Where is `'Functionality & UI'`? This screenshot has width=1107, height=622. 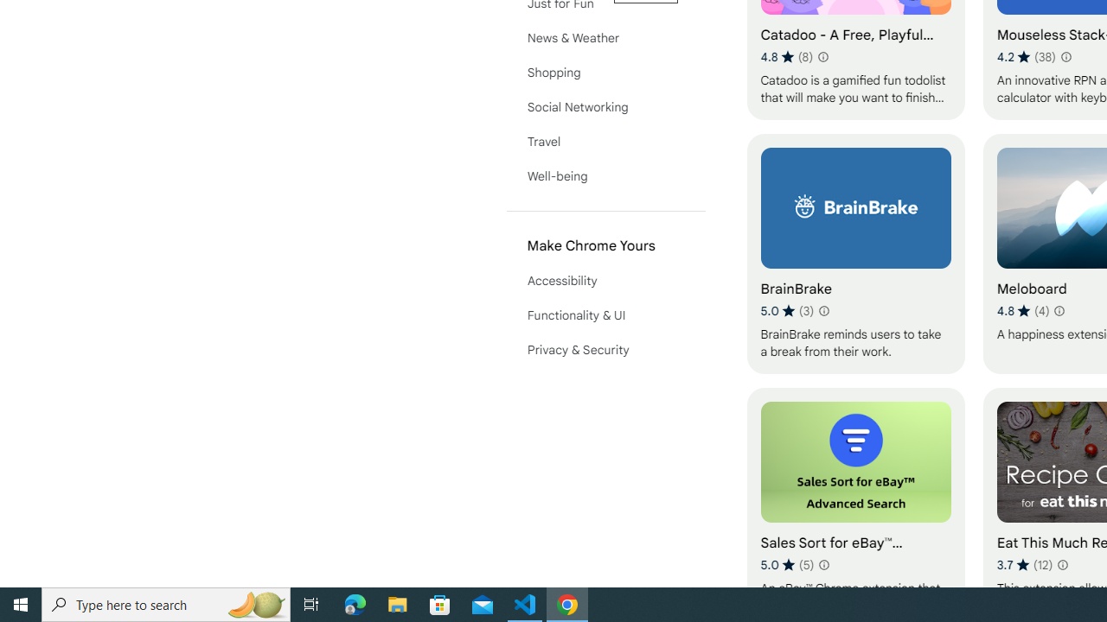
'Functionality & UI' is located at coordinates (605, 315).